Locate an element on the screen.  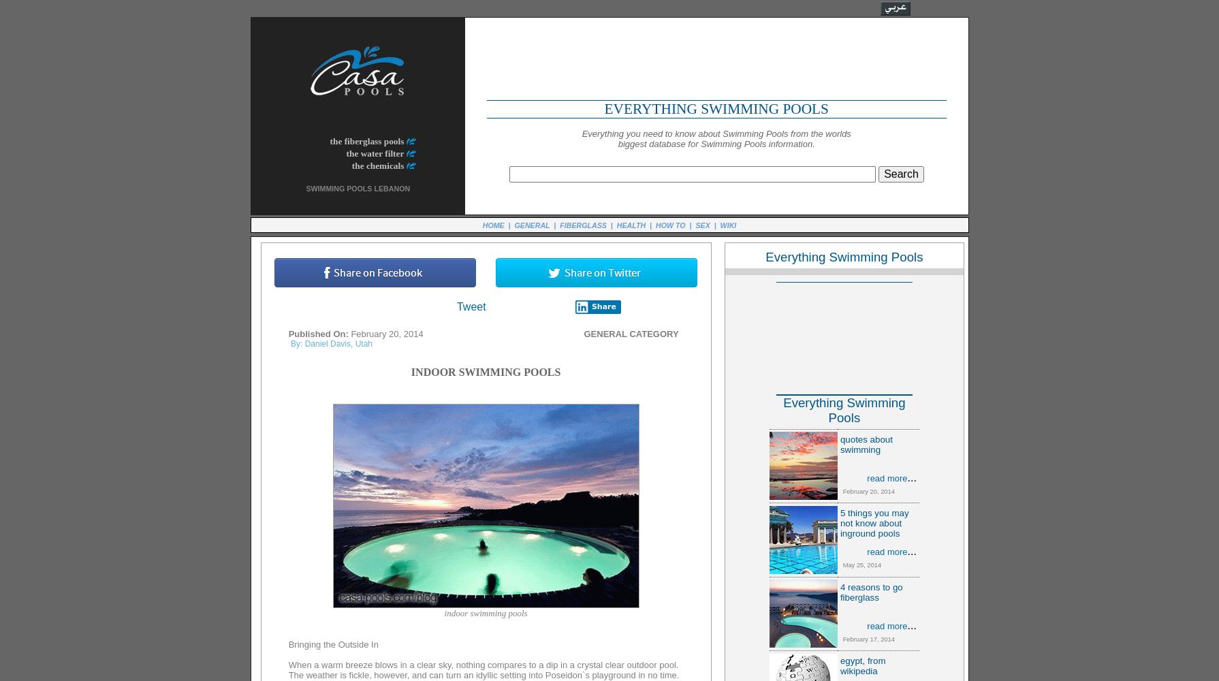
'WIKI' is located at coordinates (727, 224).